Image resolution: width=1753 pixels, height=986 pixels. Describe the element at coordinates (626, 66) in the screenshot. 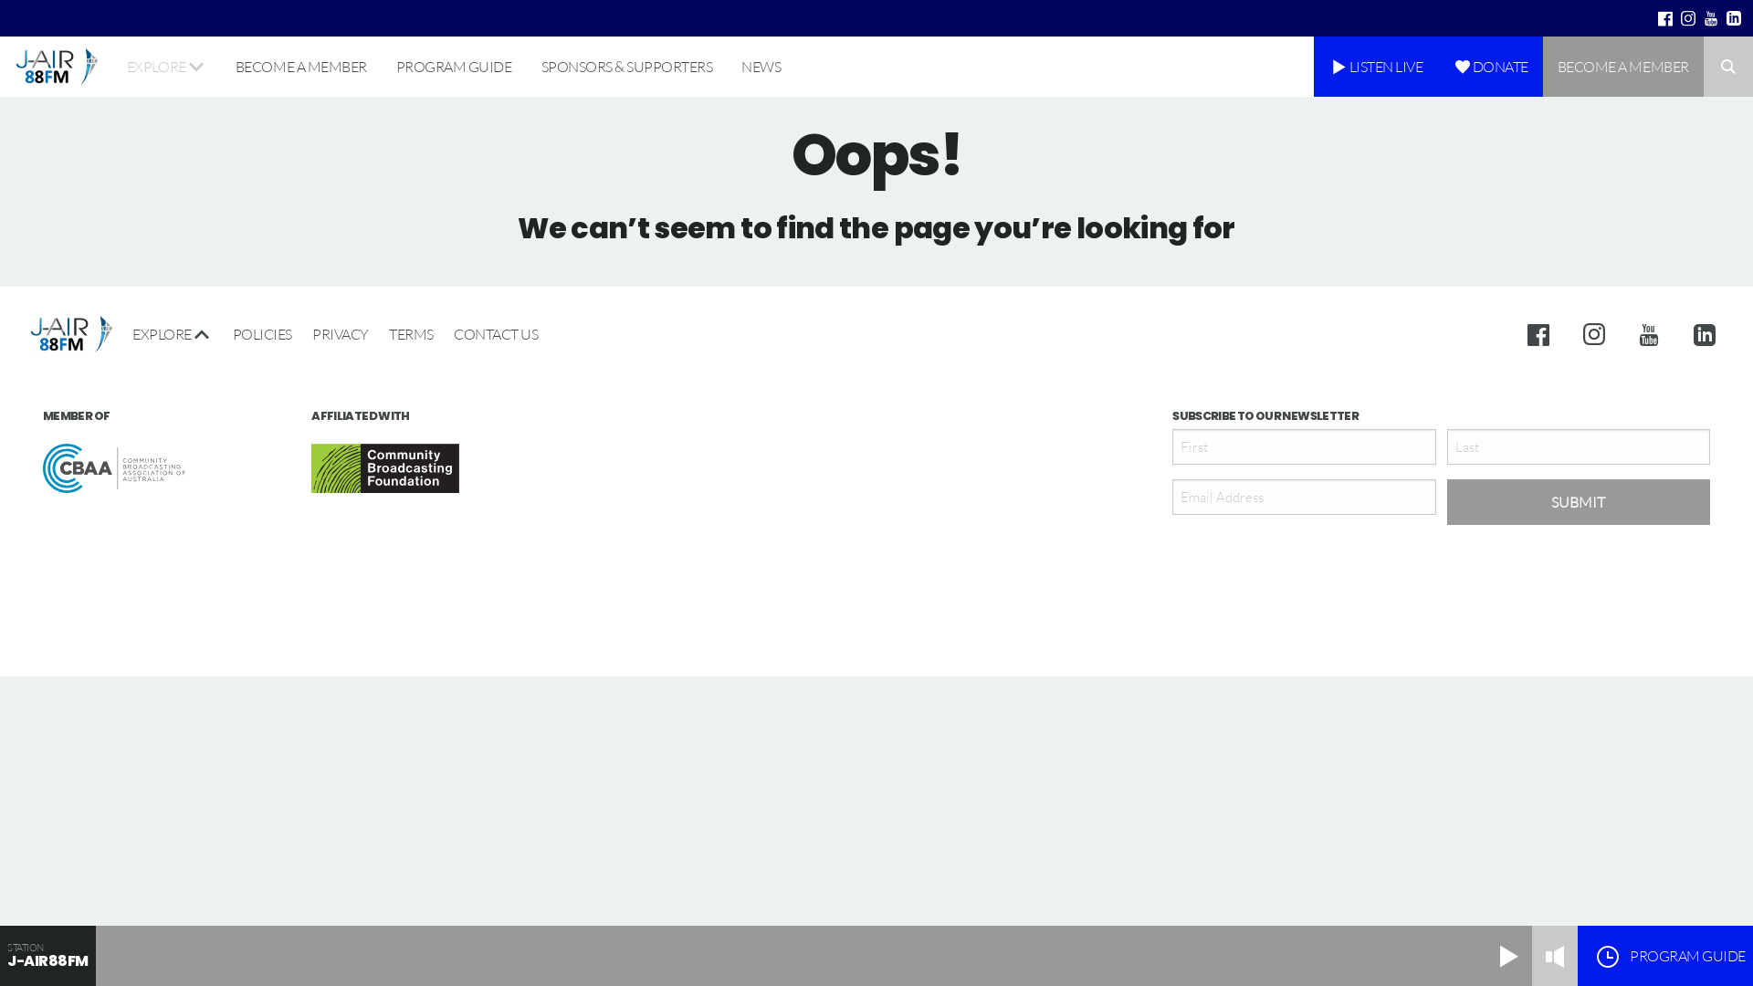

I see `'SPONSORS & SUPPORTERS'` at that location.